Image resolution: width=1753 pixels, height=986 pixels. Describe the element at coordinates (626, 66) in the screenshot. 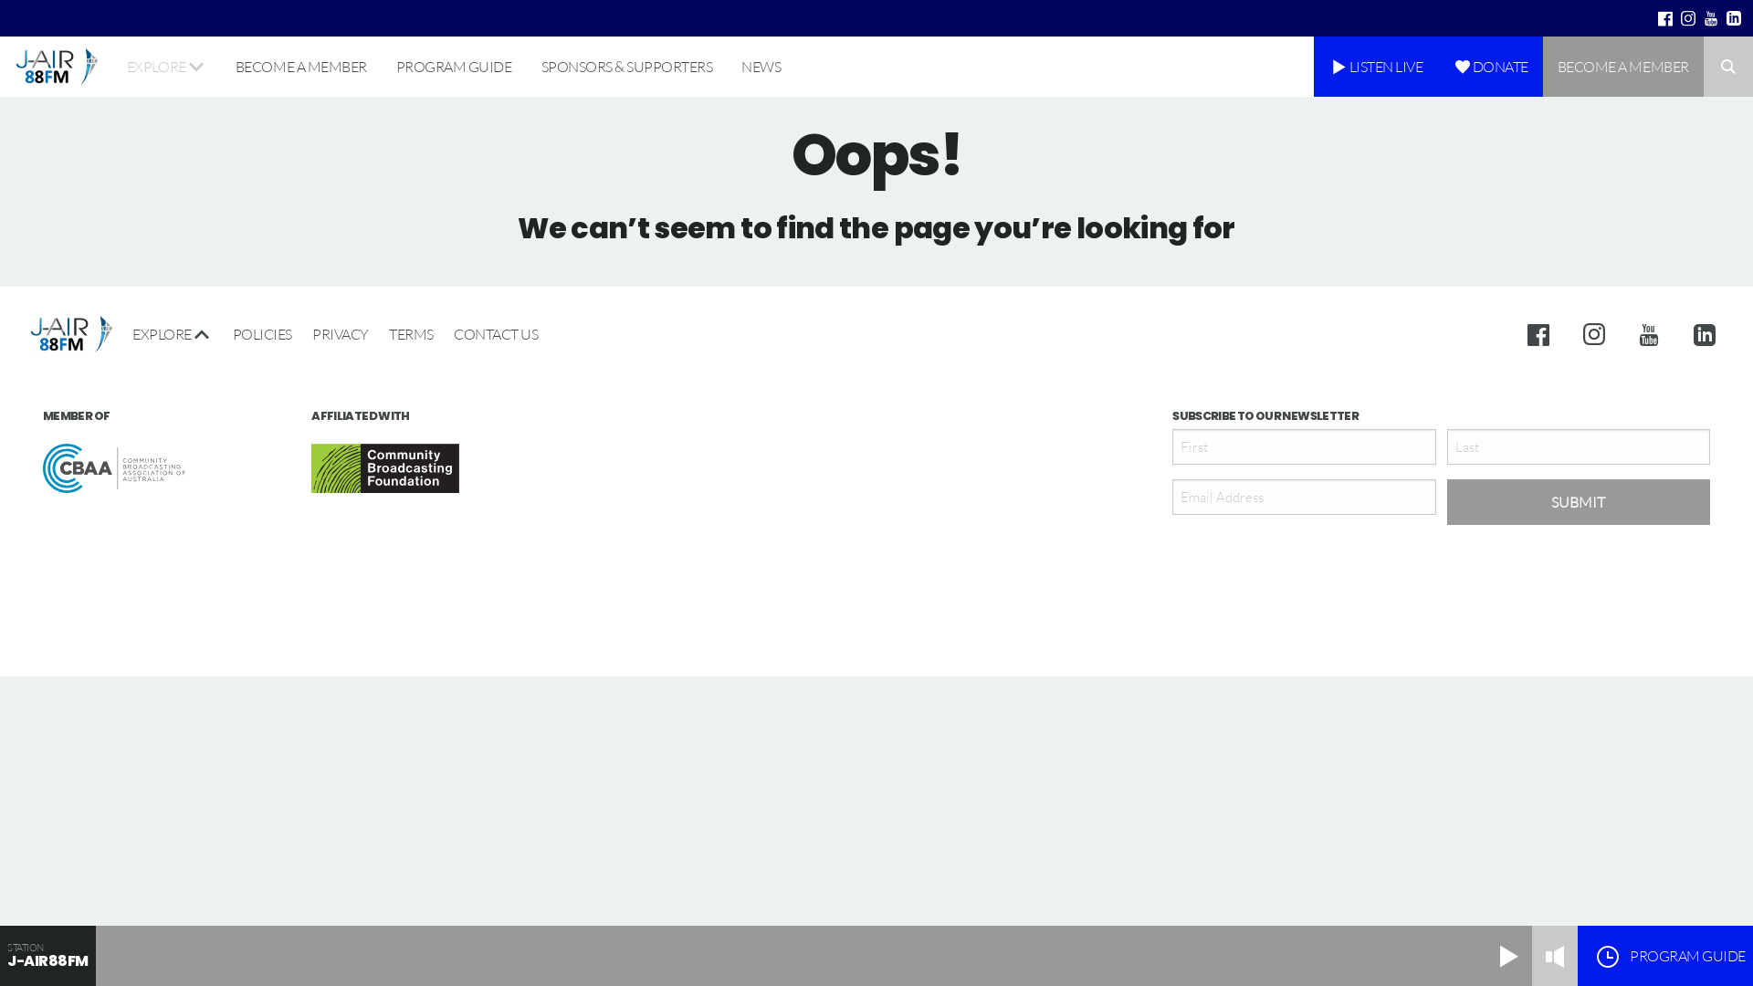

I see `'SPONSORS & SUPPORTERS'` at that location.